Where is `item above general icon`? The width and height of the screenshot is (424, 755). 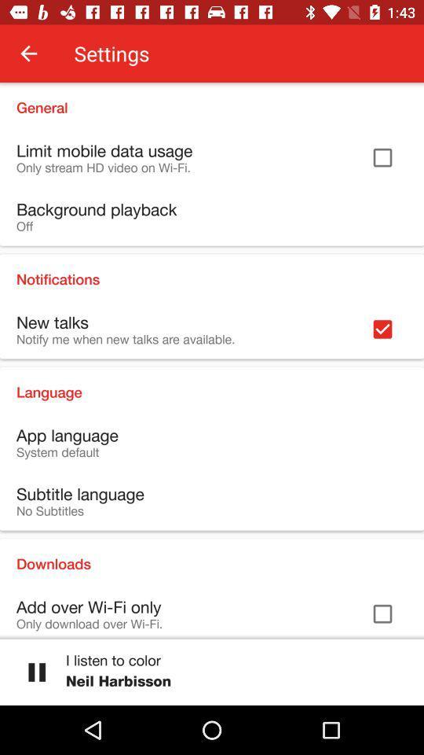 item above general icon is located at coordinates (28, 53).